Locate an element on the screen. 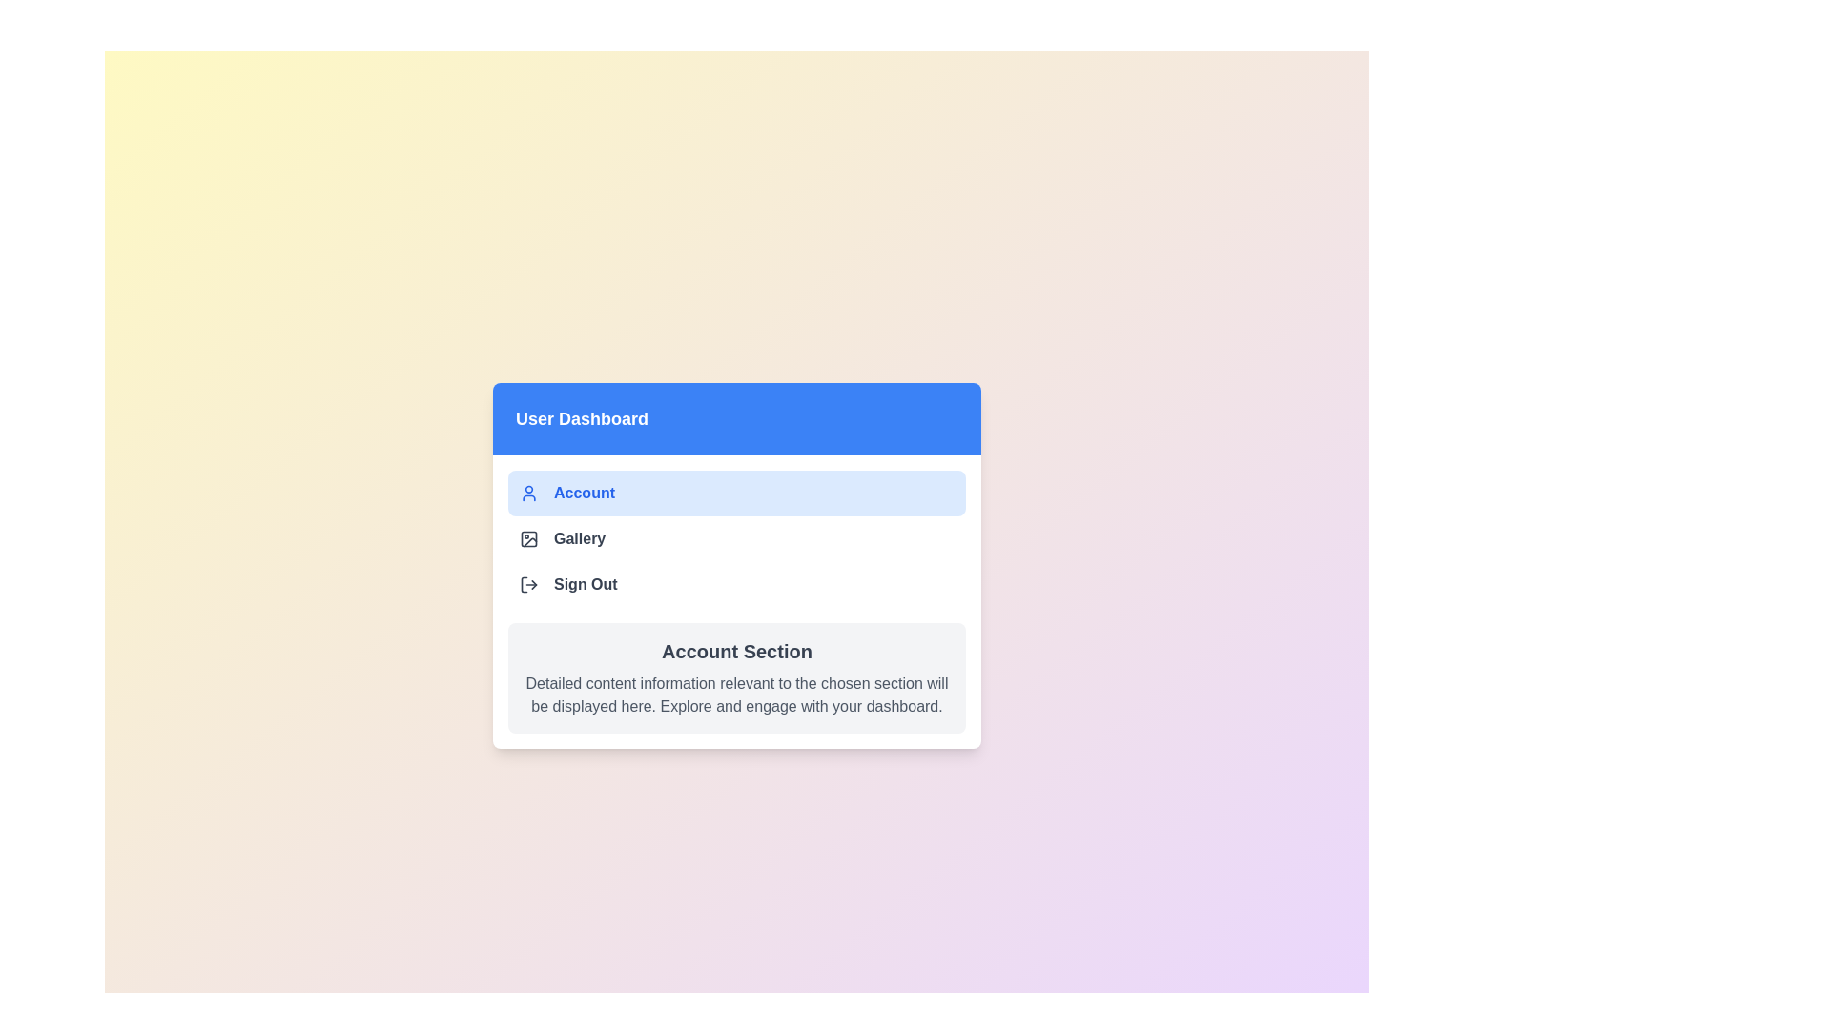 The height and width of the screenshot is (1029, 1831). the menu item Account from the options available is located at coordinates (735, 492).